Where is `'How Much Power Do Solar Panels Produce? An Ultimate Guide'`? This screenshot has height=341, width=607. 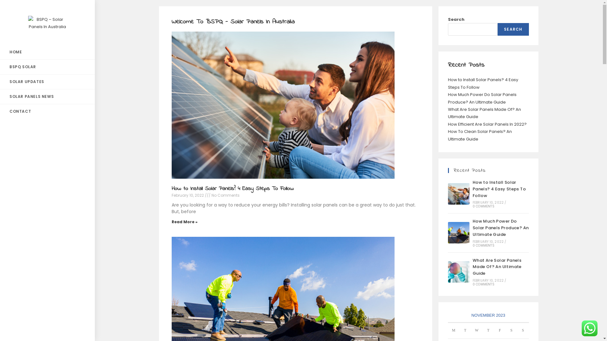
'How Much Power Do Solar Panels Produce? An Ultimate Guide' is located at coordinates (458, 232).